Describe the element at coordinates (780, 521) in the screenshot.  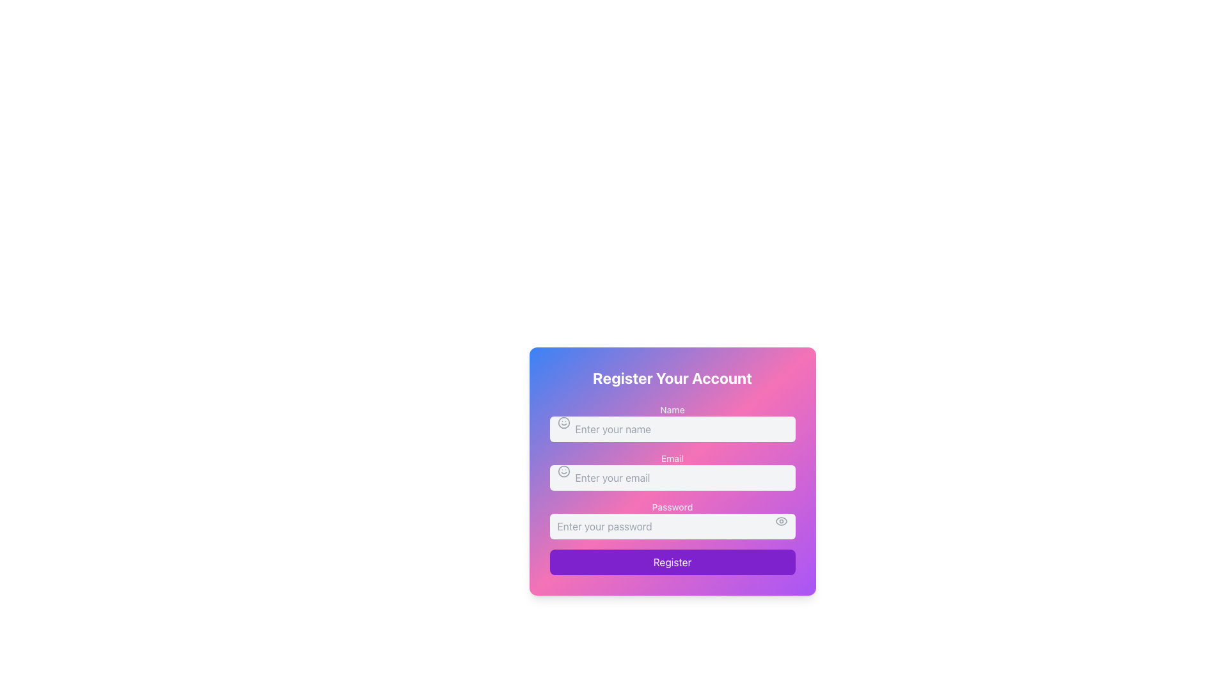
I see `the visibility toggle icon inside the 'Password' input field in the registration form to receive tooltip information` at that location.